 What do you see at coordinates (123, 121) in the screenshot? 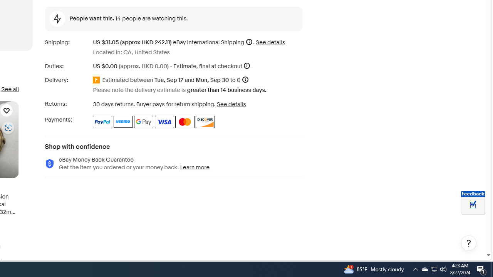
I see `'Venmo'` at bounding box center [123, 121].